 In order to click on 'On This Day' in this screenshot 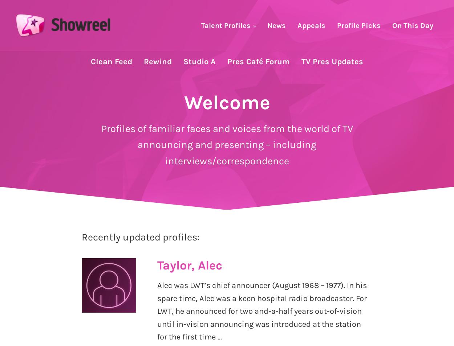, I will do `click(413, 25)`.